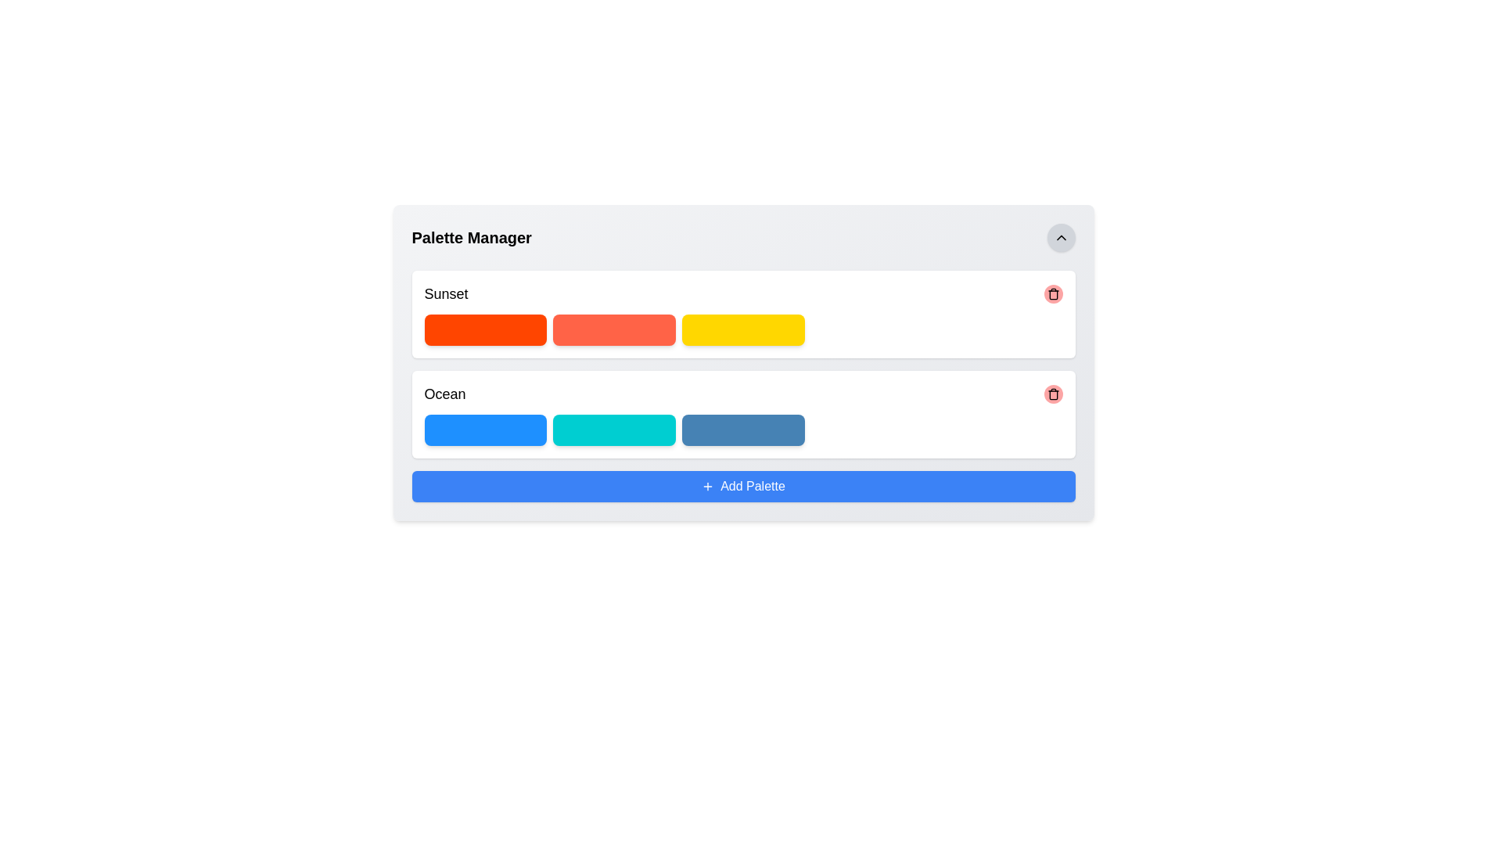 The width and height of the screenshot is (1502, 845). What do you see at coordinates (707, 485) in the screenshot?
I see `the plus icon located on the blue 'Add Palette' button, which is positioned at the bottom of the visible section of the interface` at bounding box center [707, 485].